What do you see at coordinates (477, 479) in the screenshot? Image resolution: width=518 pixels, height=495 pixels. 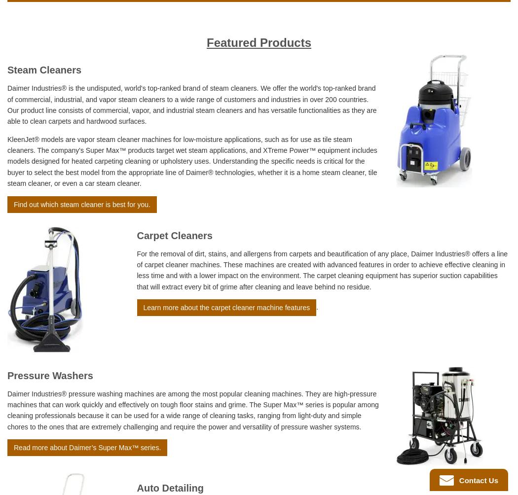 I see `'Contact Us'` at bounding box center [477, 479].